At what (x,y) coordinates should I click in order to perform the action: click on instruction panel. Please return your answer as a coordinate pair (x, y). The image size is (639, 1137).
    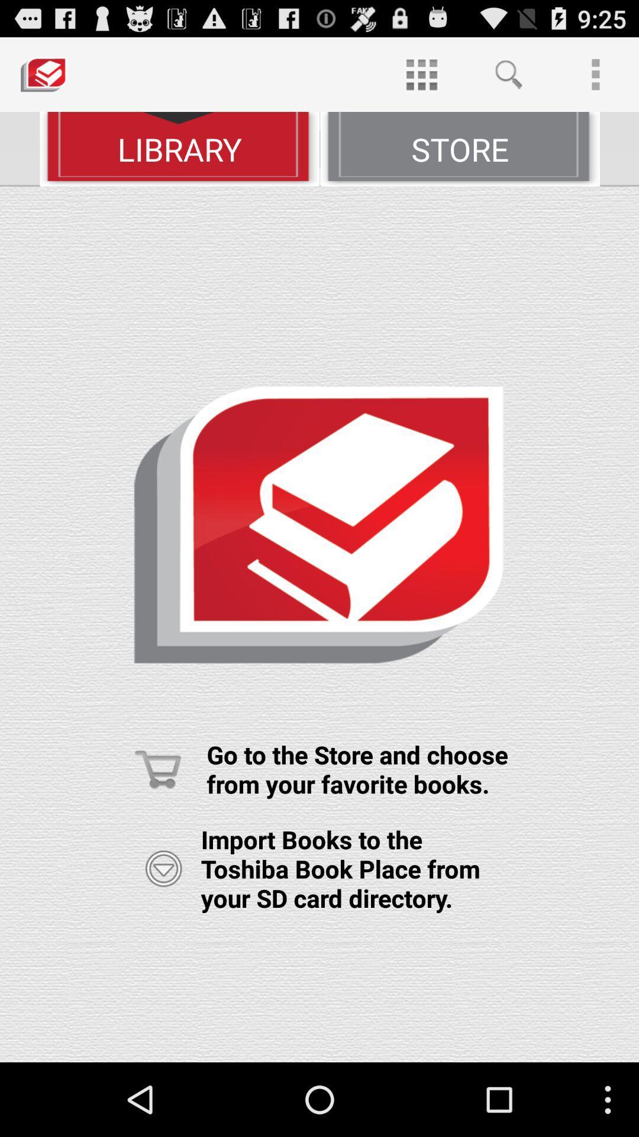
    Looking at the image, I should click on (319, 624).